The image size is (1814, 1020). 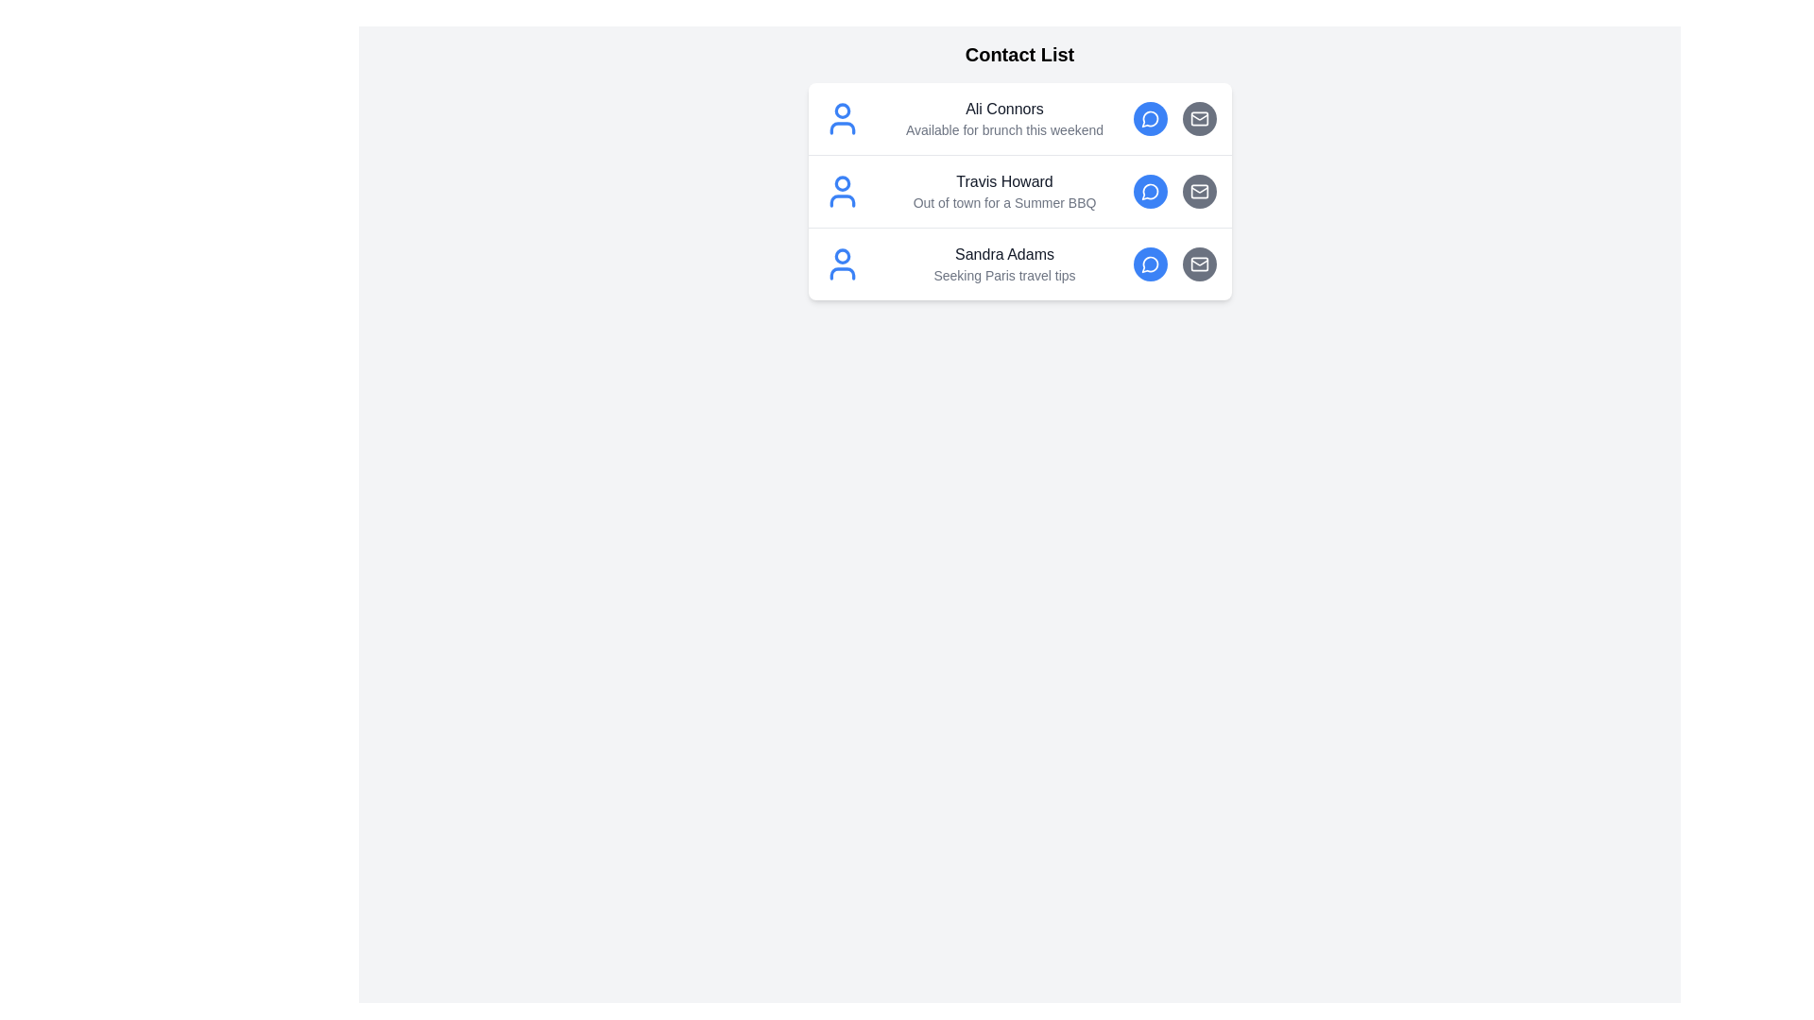 I want to click on the light gray text reading 'Out of town for a Summer BBQ', which is the subtitle of the contact 'Travis Howard', so click(x=1003, y=203).